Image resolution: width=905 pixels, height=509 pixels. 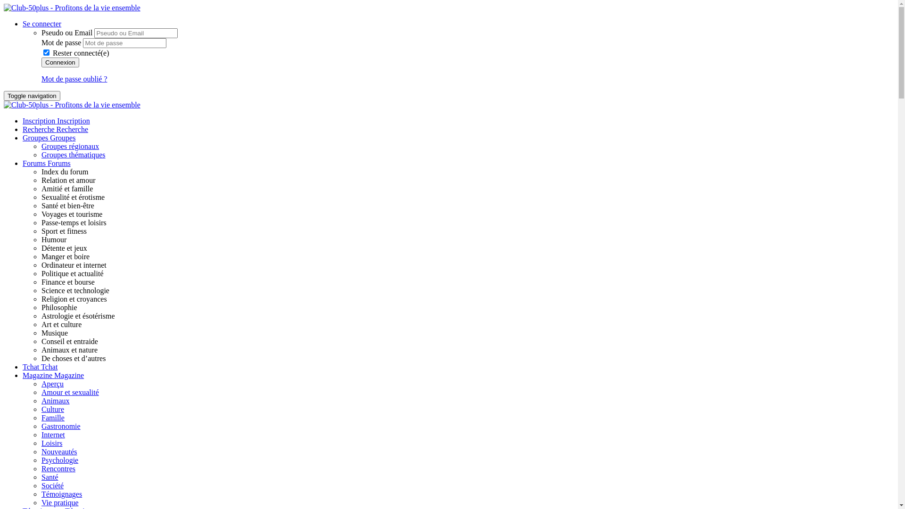 I want to click on 'Groupes', so click(x=23, y=138).